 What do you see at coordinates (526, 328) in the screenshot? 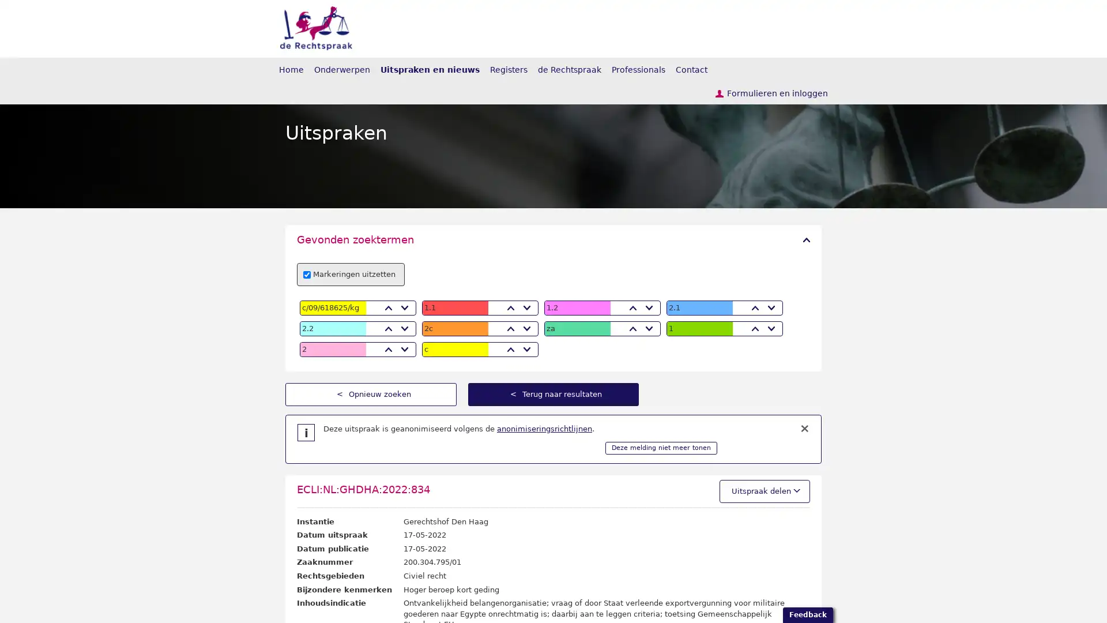
I see `Volgende zoek term` at bounding box center [526, 328].